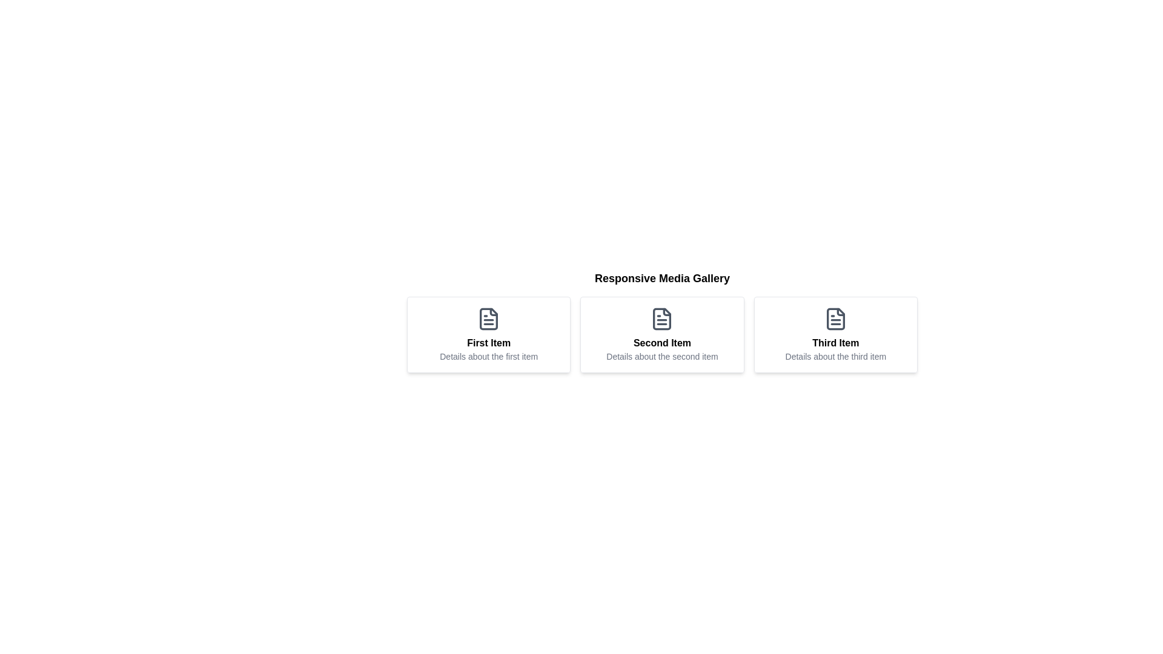 This screenshot has width=1163, height=654. What do you see at coordinates (835, 319) in the screenshot?
I see `the document-like icon with a folded corner located at the center of the 'Third Item' card, which is the rightmost card in a set of three horizontally aligned cards` at bounding box center [835, 319].